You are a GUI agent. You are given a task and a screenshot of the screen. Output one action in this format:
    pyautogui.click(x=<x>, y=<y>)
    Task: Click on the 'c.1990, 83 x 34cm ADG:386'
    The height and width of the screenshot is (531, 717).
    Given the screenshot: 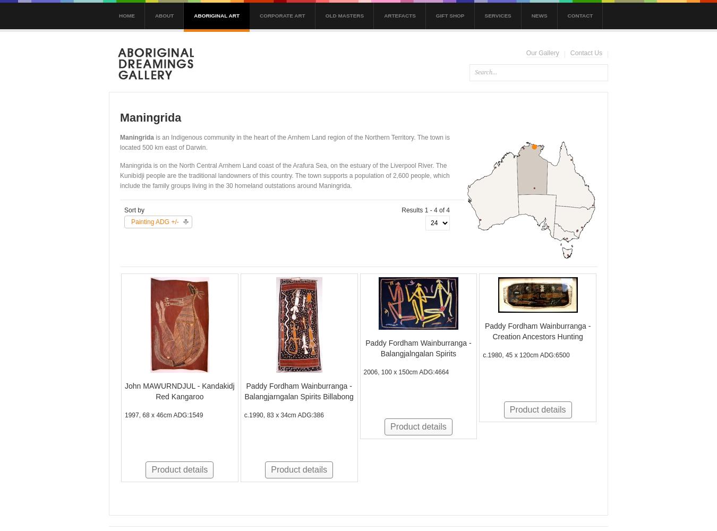 What is the action you would take?
    pyautogui.click(x=283, y=415)
    